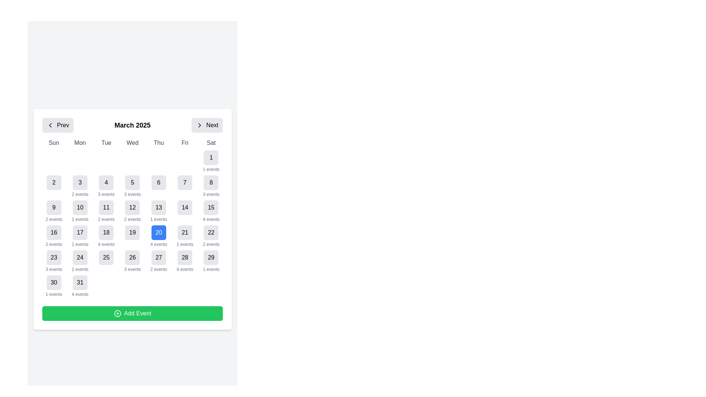  I want to click on the square button labeled '28' in the calendar grid for March 2025, so click(185, 257).